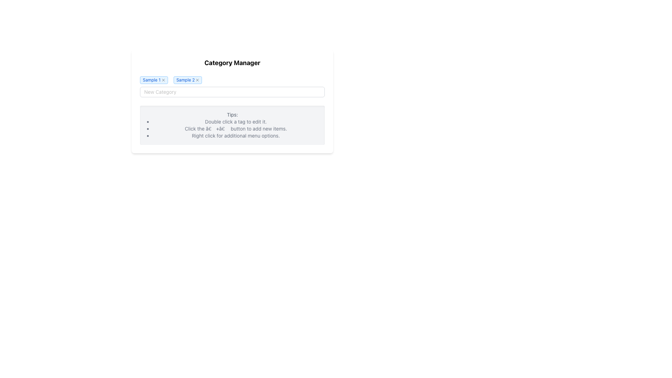 The height and width of the screenshot is (378, 672). I want to click on the blue tag labeled 'Sample 2' with a close button, so click(188, 79).